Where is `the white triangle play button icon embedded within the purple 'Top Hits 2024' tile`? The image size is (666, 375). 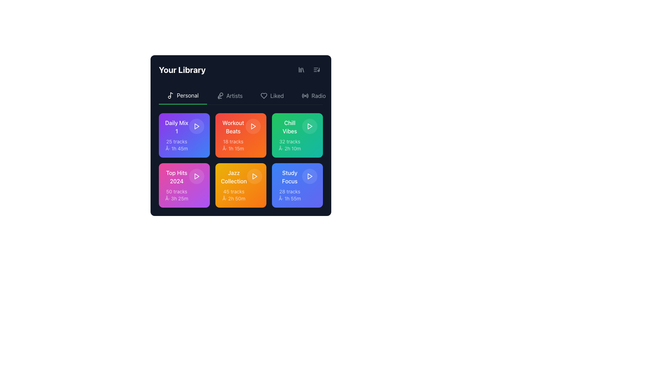 the white triangle play button icon embedded within the purple 'Top Hits 2024' tile is located at coordinates (196, 176).